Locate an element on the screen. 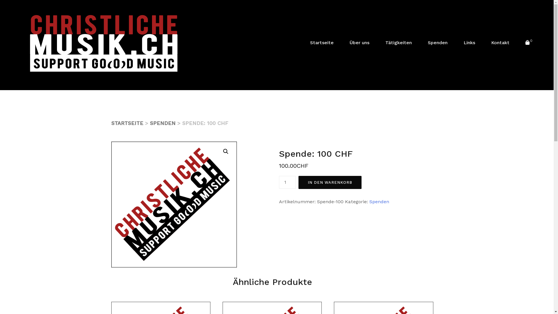 The height and width of the screenshot is (314, 558). 'ChristlichemusikIcon1' is located at coordinates (174, 204).